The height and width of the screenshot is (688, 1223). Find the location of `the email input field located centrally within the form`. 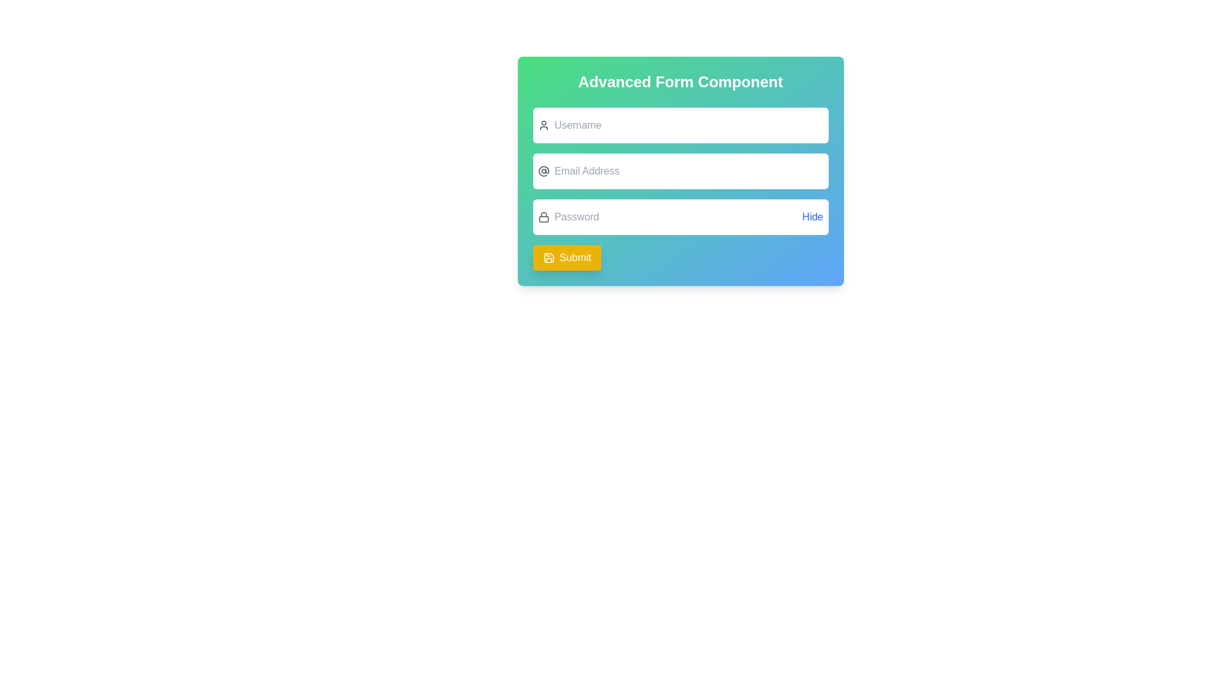

the email input field located centrally within the form is located at coordinates (680, 171).